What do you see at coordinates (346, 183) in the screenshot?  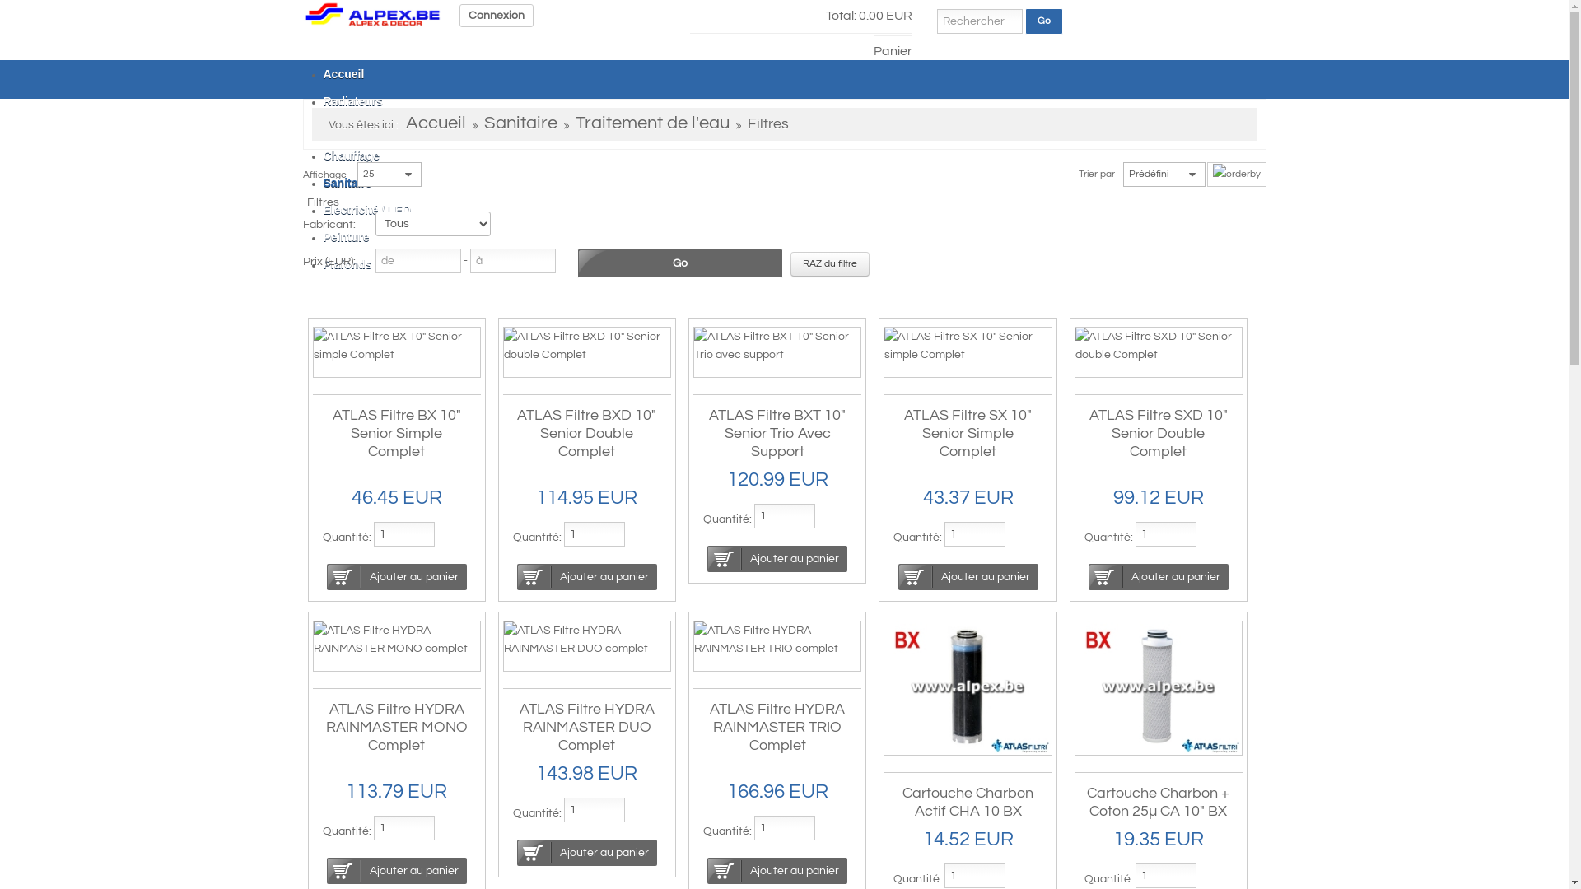 I see `'Sanitaire'` at bounding box center [346, 183].